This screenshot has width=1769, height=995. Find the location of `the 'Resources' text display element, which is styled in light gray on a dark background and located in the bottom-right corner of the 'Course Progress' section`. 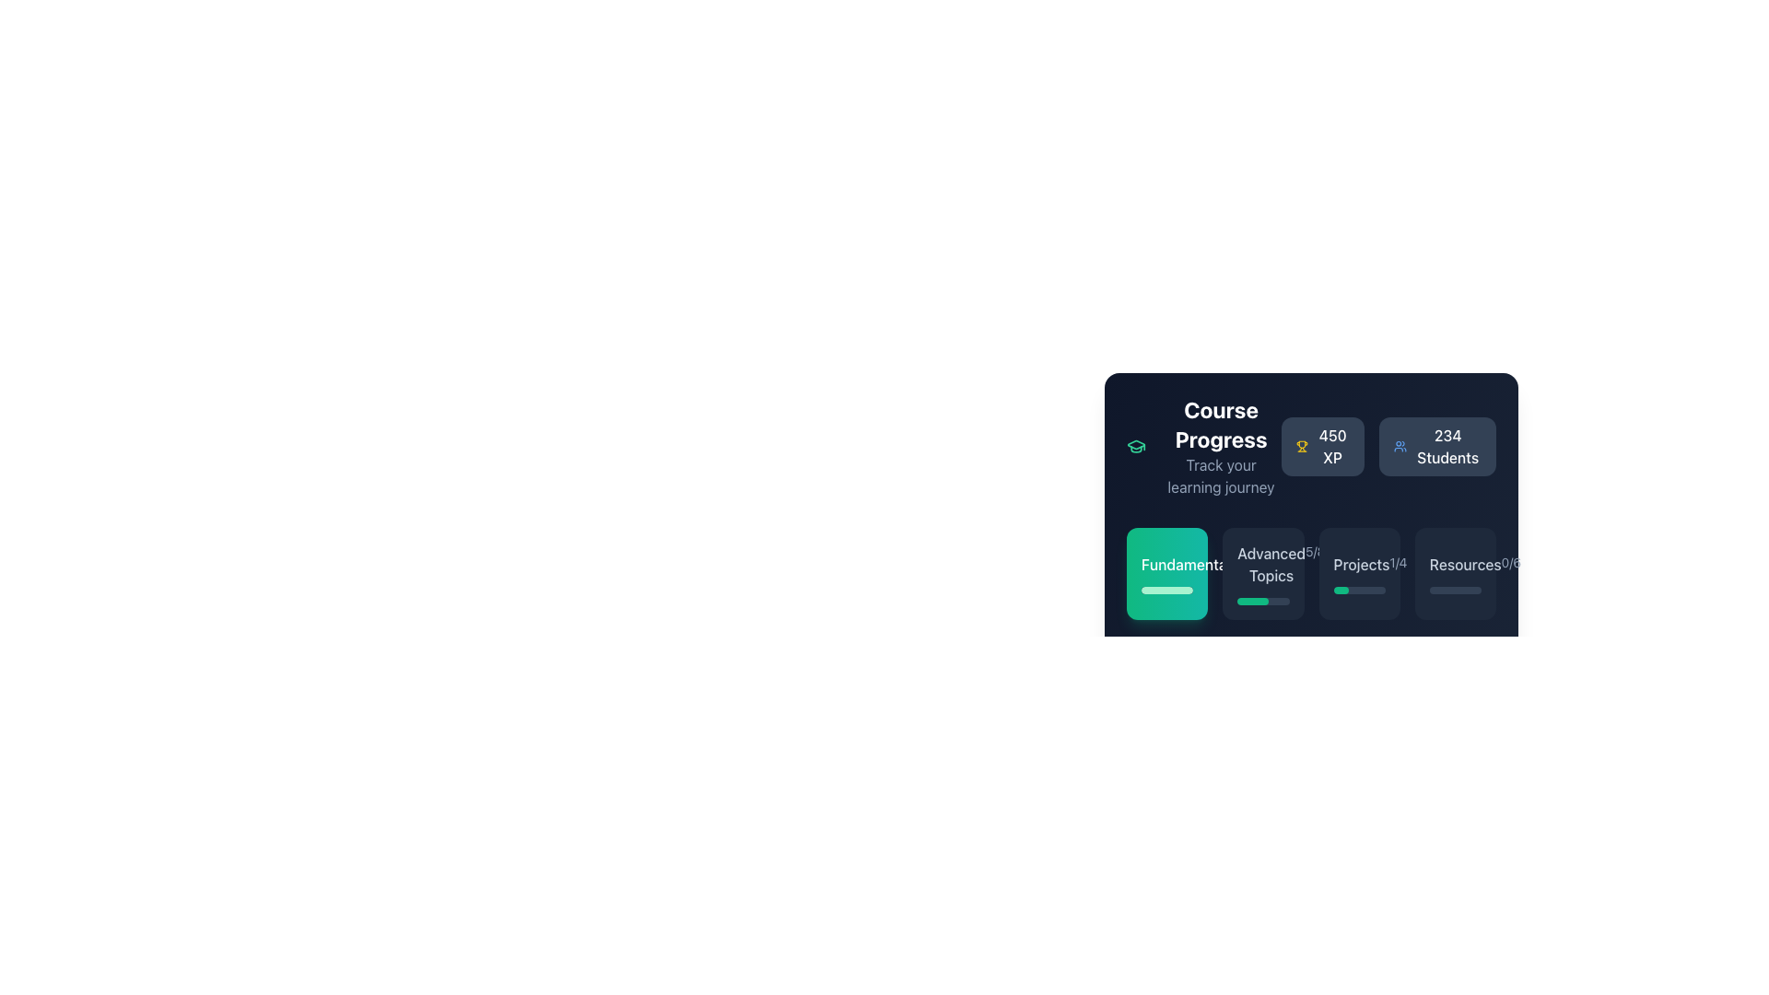

the 'Resources' text display element, which is styled in light gray on a dark background and located in the bottom-right corner of the 'Course Progress' section is located at coordinates (1454, 564).